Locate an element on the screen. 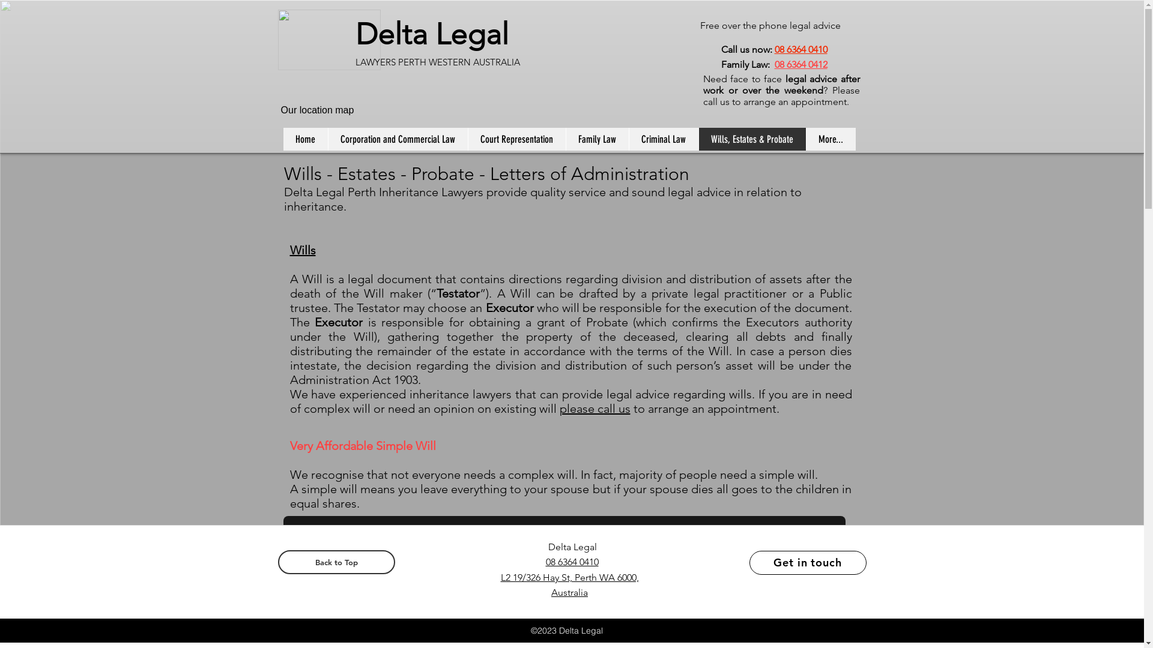 Image resolution: width=1153 pixels, height=648 pixels. '08 6364 0410' is located at coordinates (570, 562).